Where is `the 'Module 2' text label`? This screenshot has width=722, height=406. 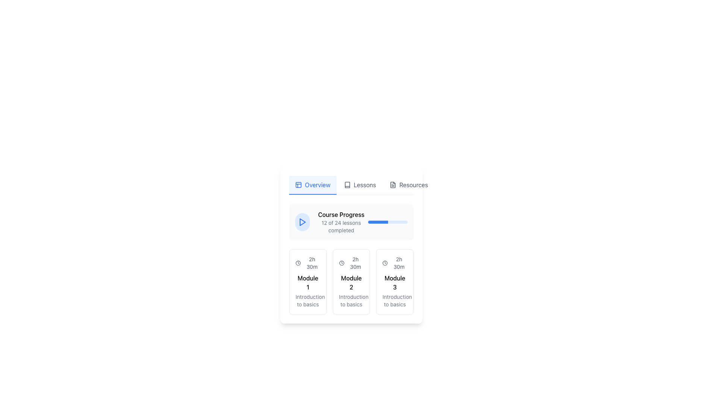
the 'Module 2' text label is located at coordinates (351, 283).